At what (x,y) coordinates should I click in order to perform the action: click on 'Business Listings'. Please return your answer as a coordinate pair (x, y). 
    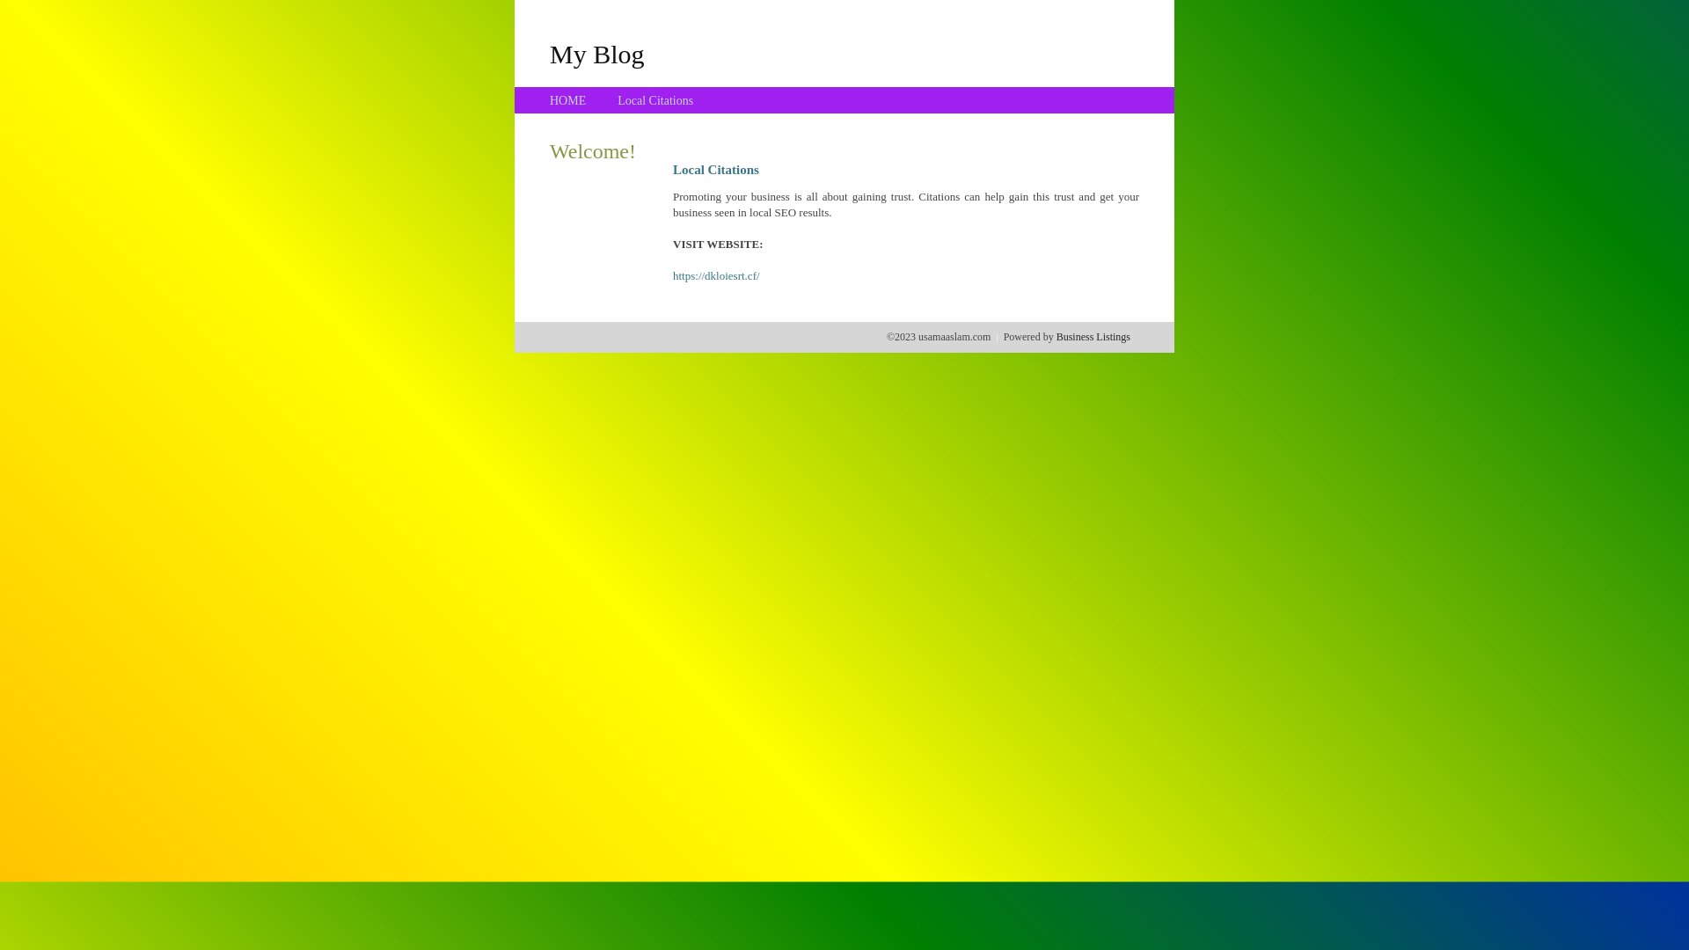
    Looking at the image, I should click on (1093, 336).